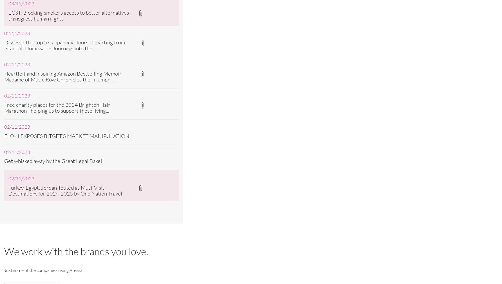 Image resolution: width=502 pixels, height=284 pixels. What do you see at coordinates (68, 15) in the screenshot?
I see `'ECST: Blocking smokers access to better alternatives transgress human rights'` at bounding box center [68, 15].